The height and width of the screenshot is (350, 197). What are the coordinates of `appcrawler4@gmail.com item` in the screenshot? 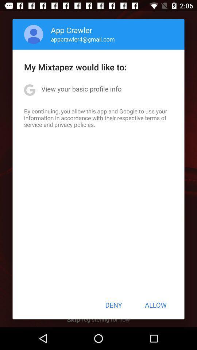 It's located at (82, 39).